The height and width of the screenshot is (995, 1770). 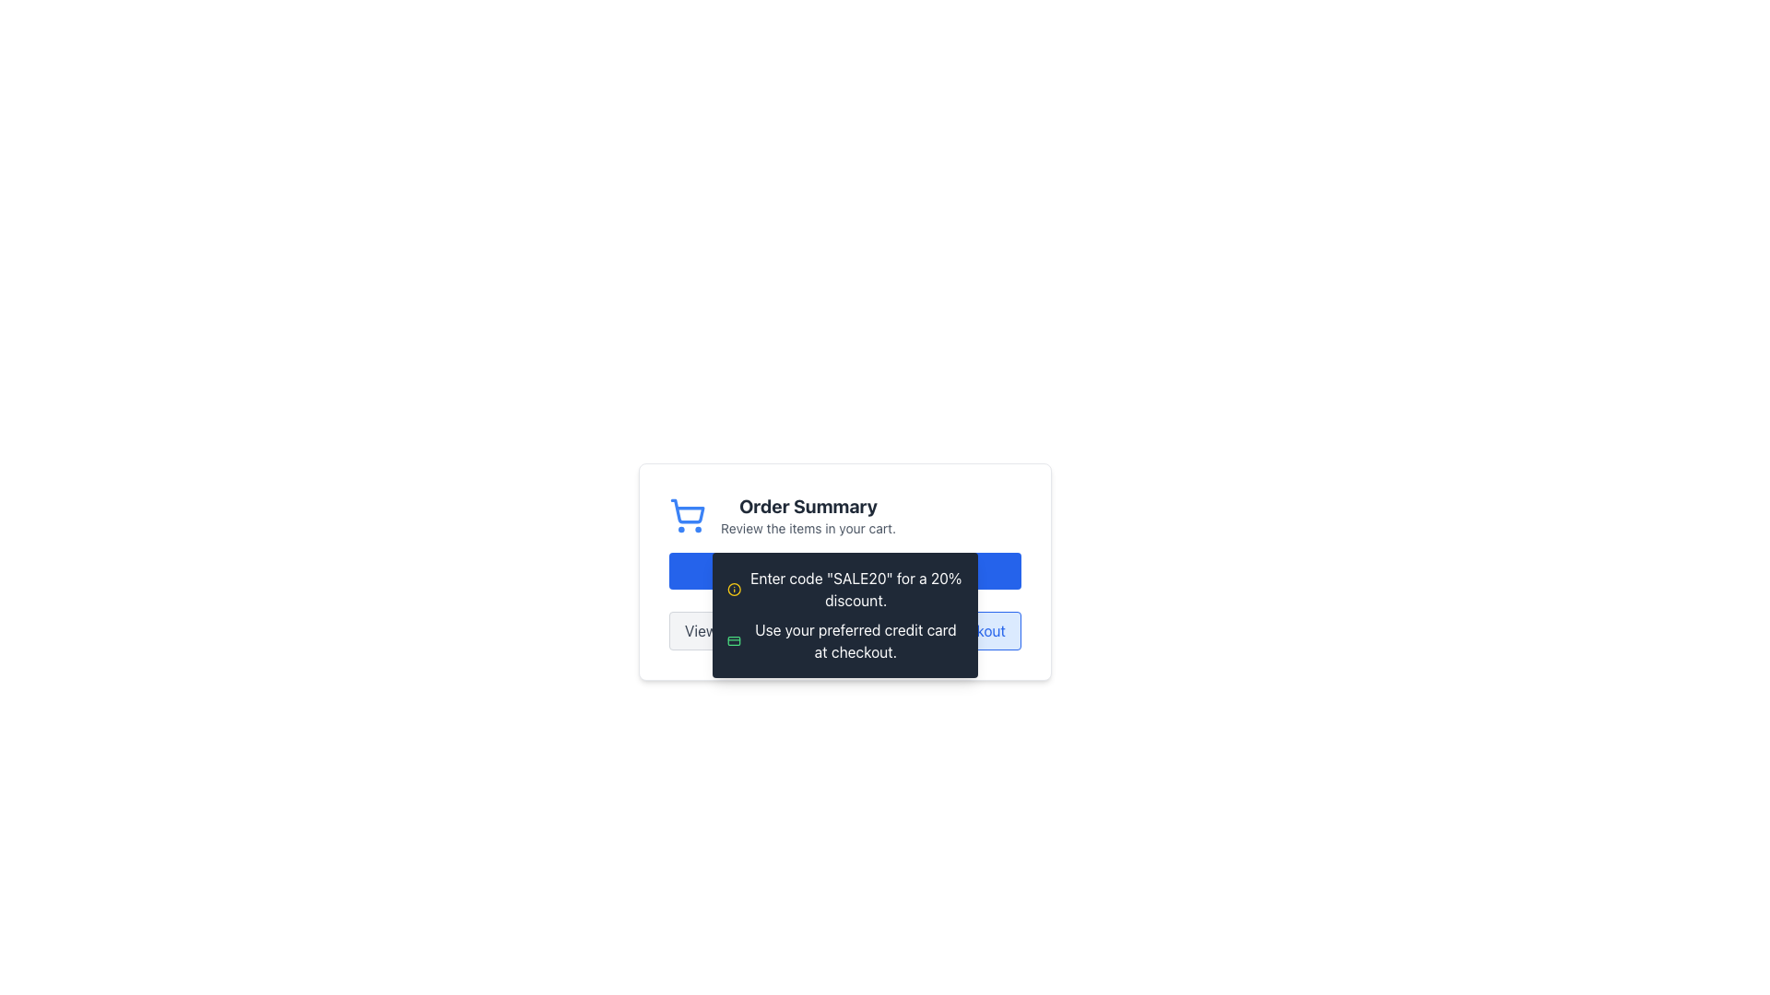 What do you see at coordinates (686, 515) in the screenshot?
I see `the blue shopping cart icon located to the left of the 'Order Summary' label` at bounding box center [686, 515].